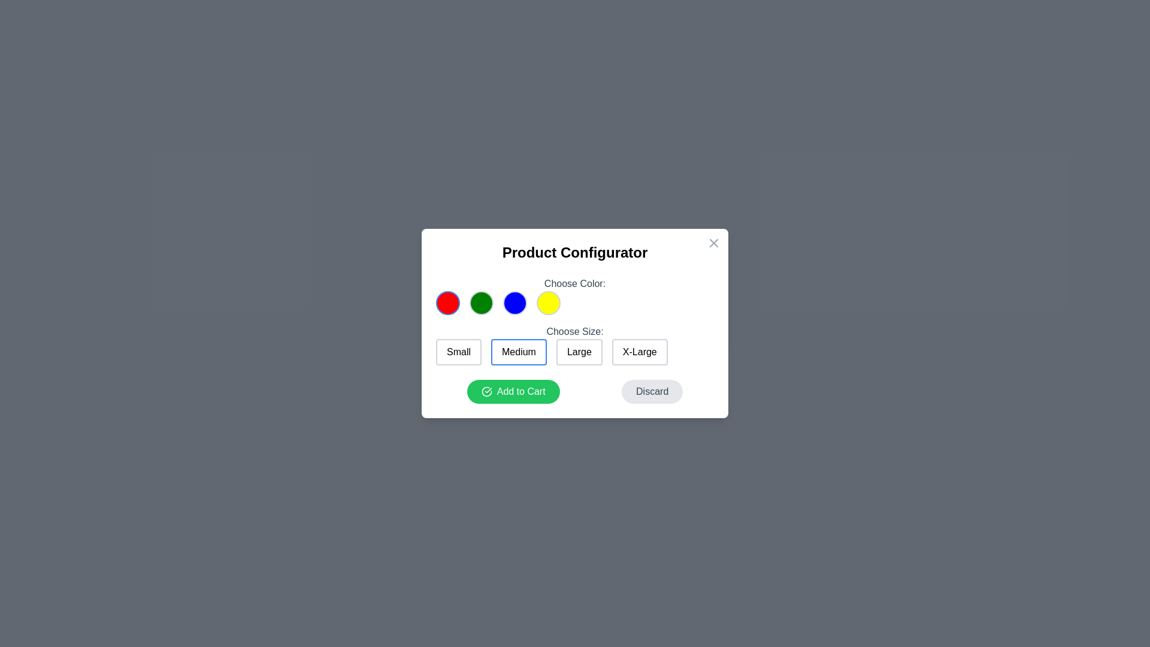  I want to click on the confirmation icon located to the left of the 'Add to Cart' button, which signifies affirmative action for the operation, so click(486, 392).